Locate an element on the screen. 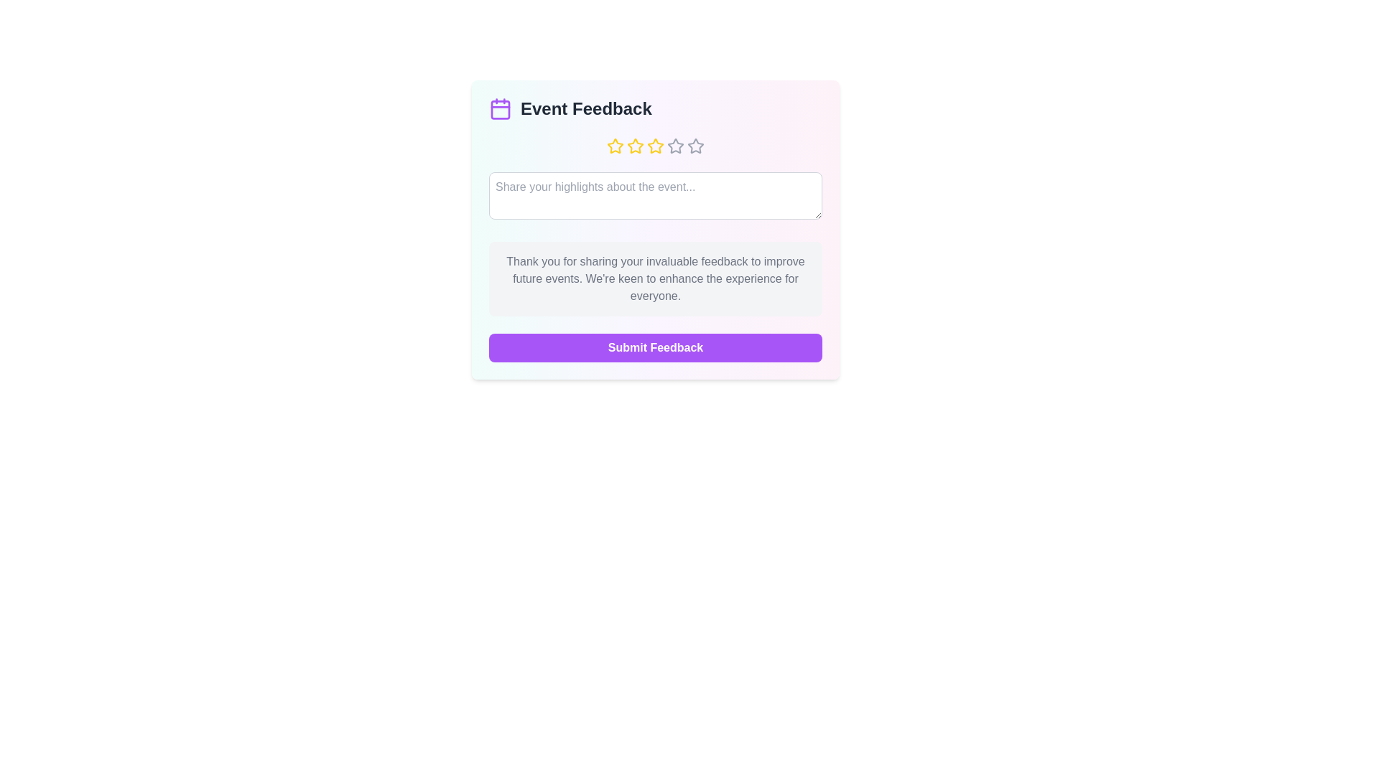 This screenshot has height=775, width=1379. the event rating to 5 stars by clicking on the corresponding star is located at coordinates (696, 146).